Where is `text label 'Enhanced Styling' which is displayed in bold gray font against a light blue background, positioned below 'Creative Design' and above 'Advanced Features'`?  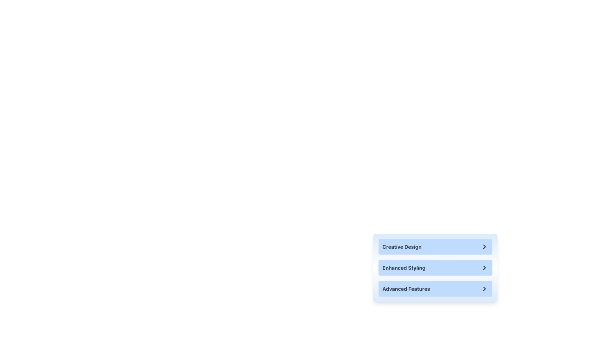
text label 'Enhanced Styling' which is displayed in bold gray font against a light blue background, positioned below 'Creative Design' and above 'Advanced Features' is located at coordinates (404, 268).